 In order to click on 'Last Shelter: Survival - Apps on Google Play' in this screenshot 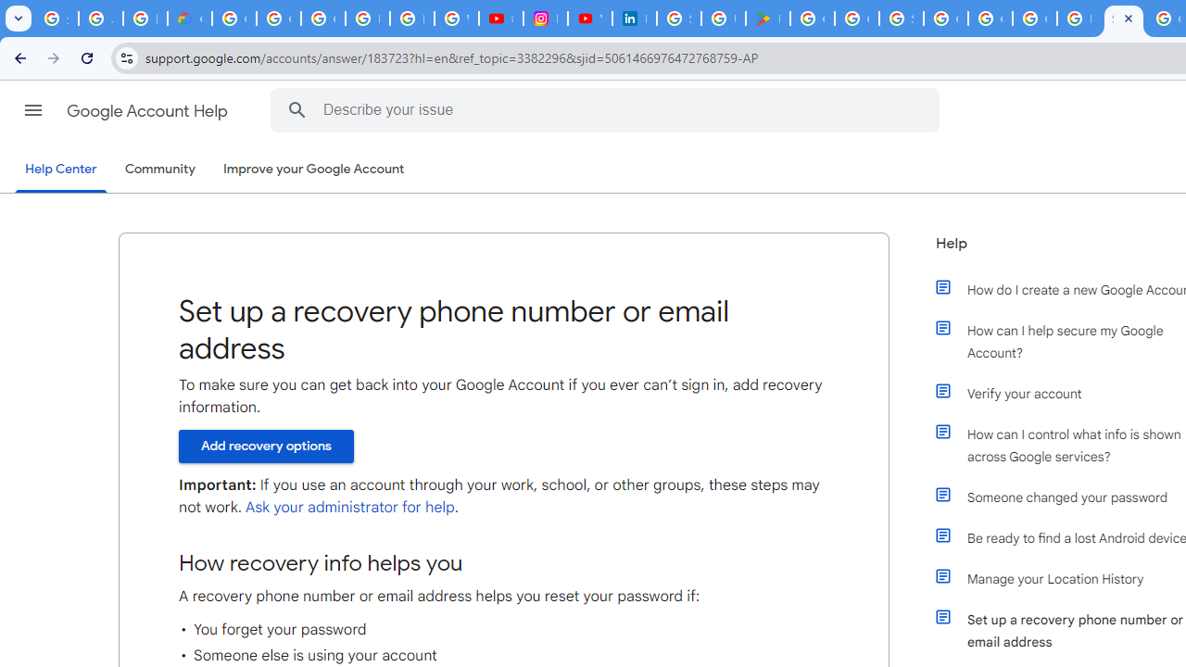, I will do `click(767, 19)`.